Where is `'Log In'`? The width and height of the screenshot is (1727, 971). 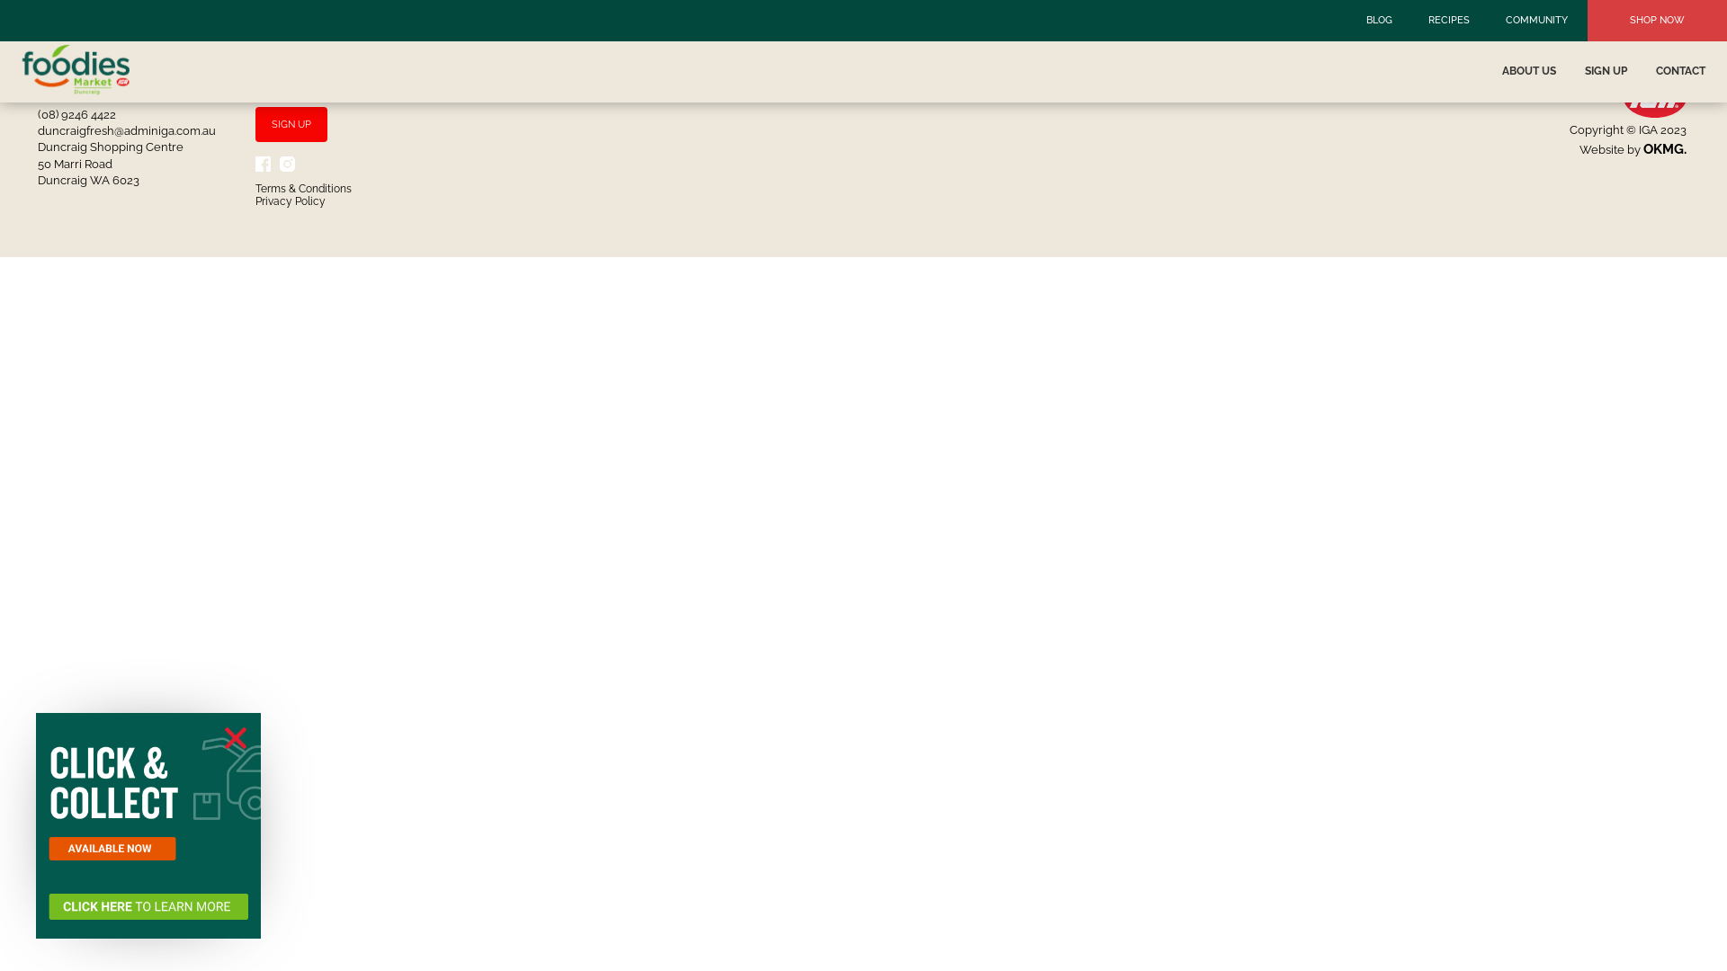
'Log In' is located at coordinates (68, 9).